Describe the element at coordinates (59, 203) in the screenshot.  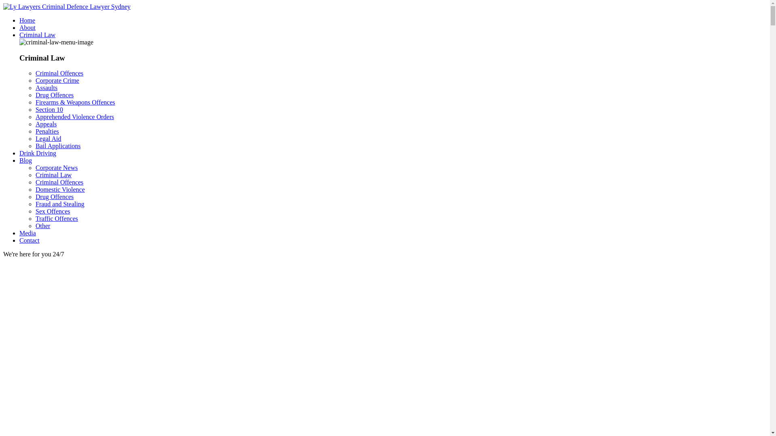
I see `'Fraud and Stealing'` at that location.